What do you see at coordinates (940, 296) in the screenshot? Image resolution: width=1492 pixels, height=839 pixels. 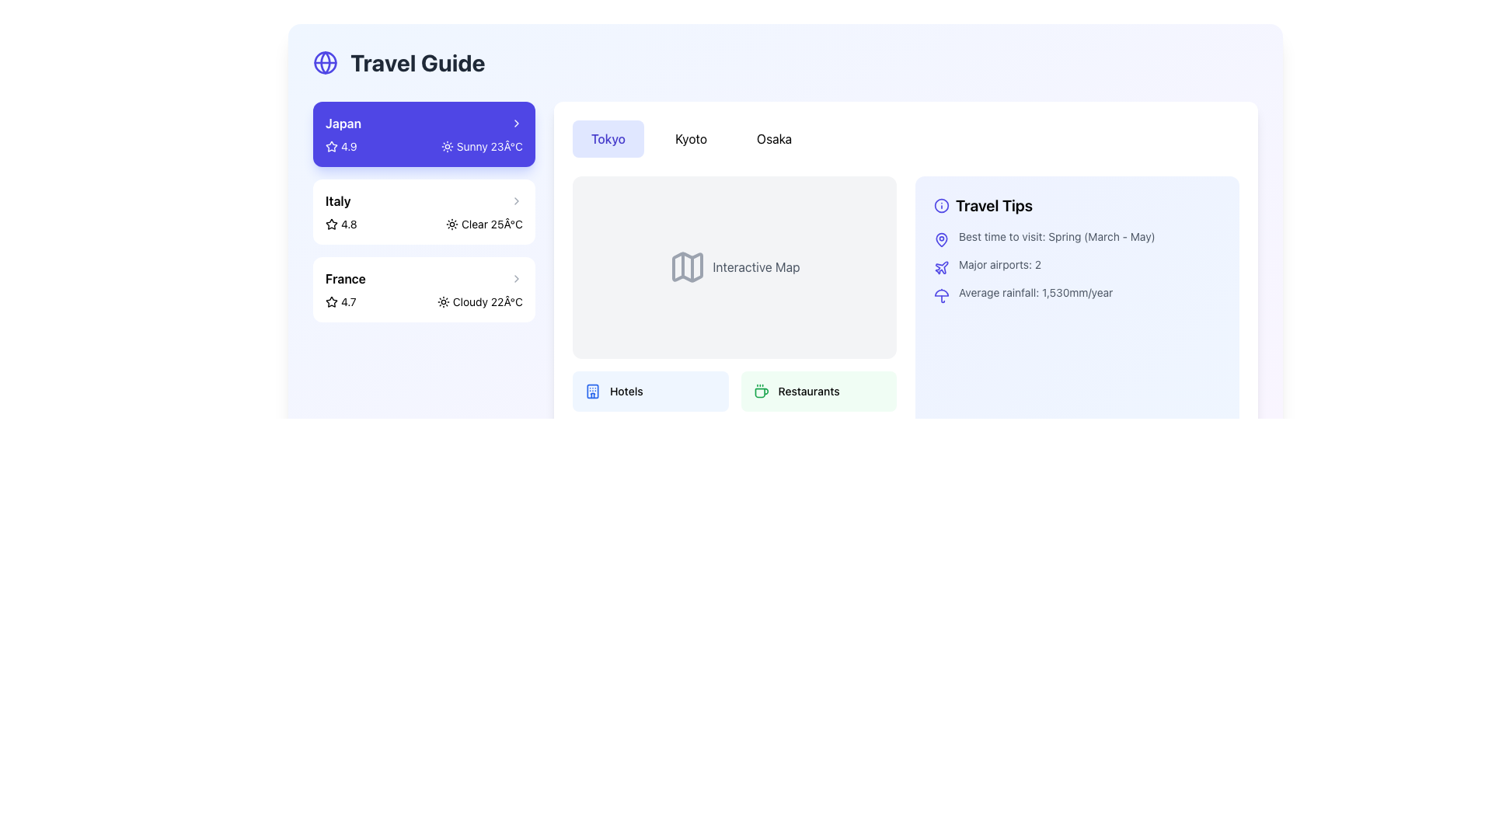 I see `the compact indigo umbrella icon located to the left of the 'Average rainfall: 1,530mm/year' entry in the 'Travel Tips' section` at bounding box center [940, 296].